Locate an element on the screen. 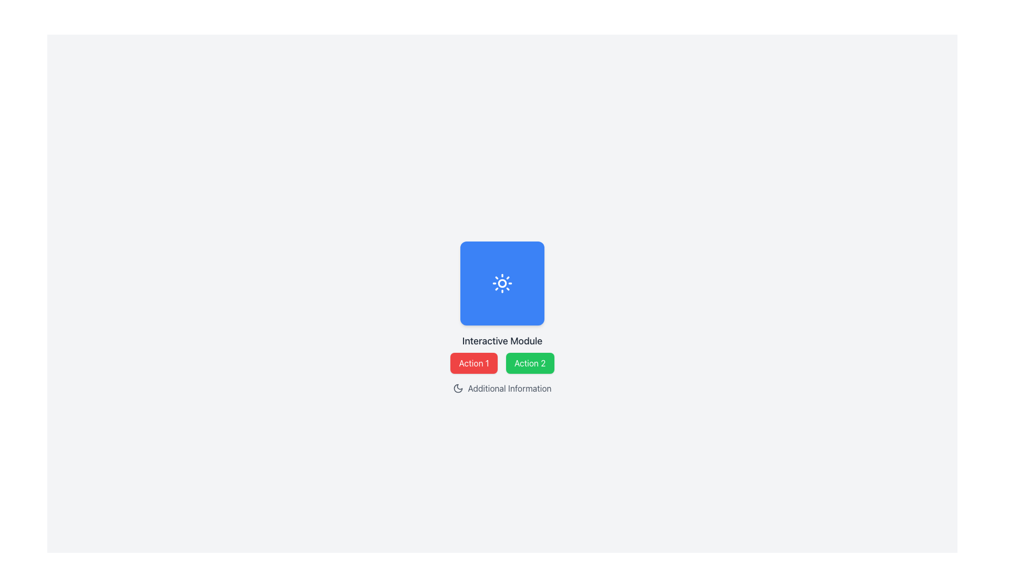  the text label displaying 'Additional Information' styled in gray font, which is located in the lower-center region of the interface to the right of a moon-shaped icon is located at coordinates (509, 388).